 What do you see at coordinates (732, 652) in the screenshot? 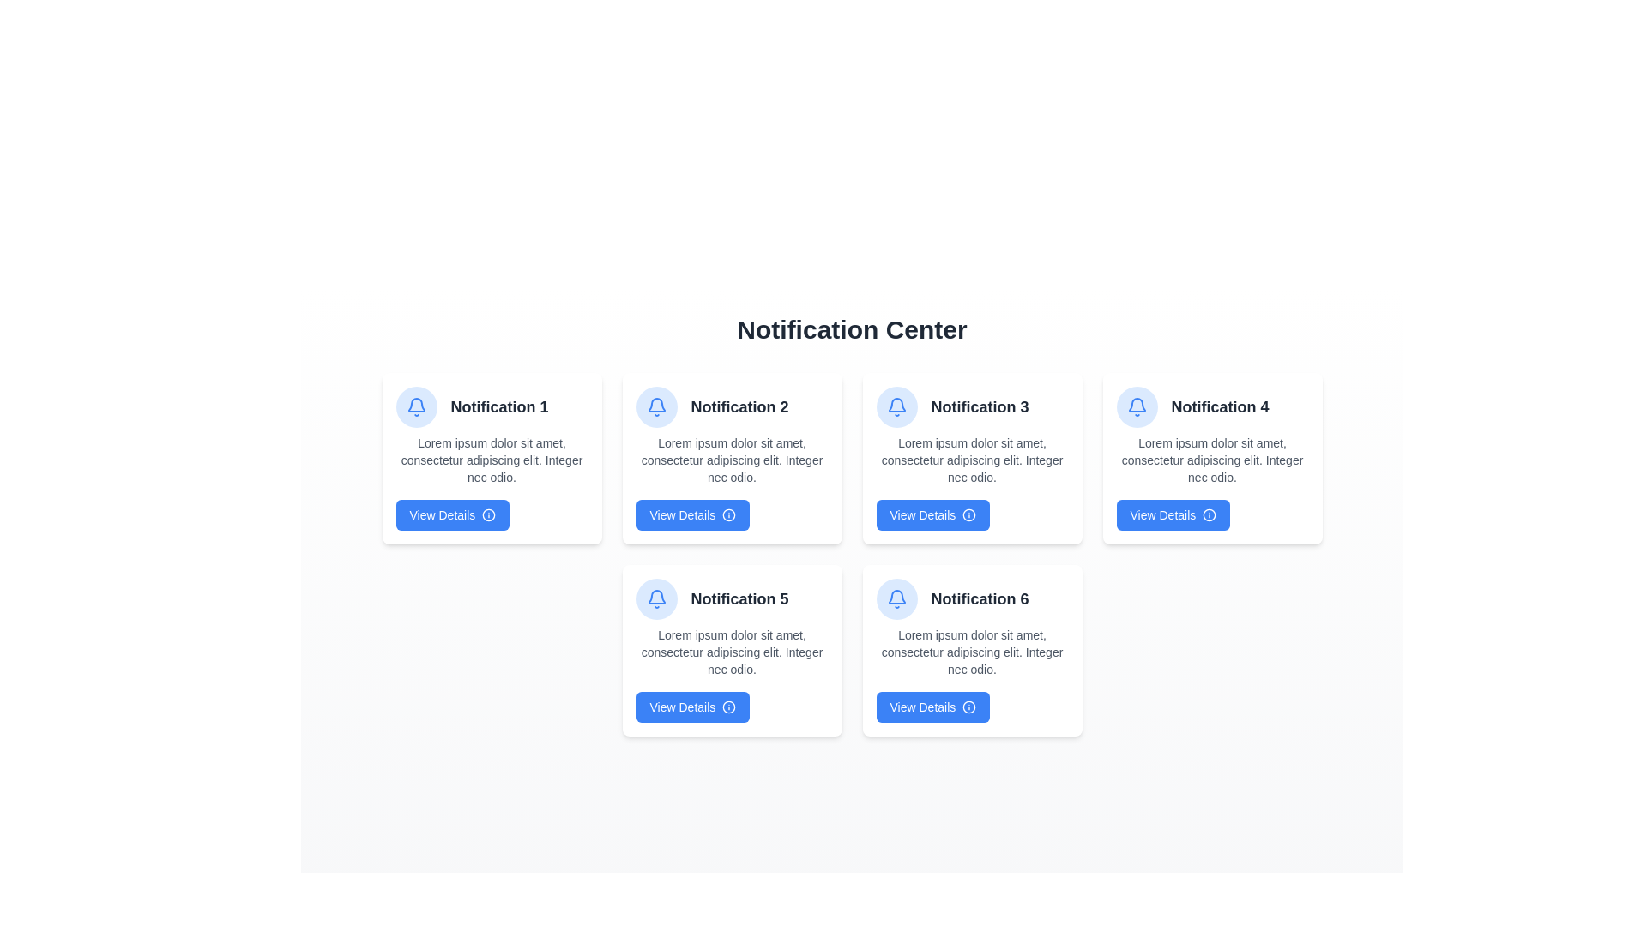
I see `the static text label that is styled with a small gray font, located below the title 'Notification 5' and above the 'View Details' button in the notification card` at bounding box center [732, 652].